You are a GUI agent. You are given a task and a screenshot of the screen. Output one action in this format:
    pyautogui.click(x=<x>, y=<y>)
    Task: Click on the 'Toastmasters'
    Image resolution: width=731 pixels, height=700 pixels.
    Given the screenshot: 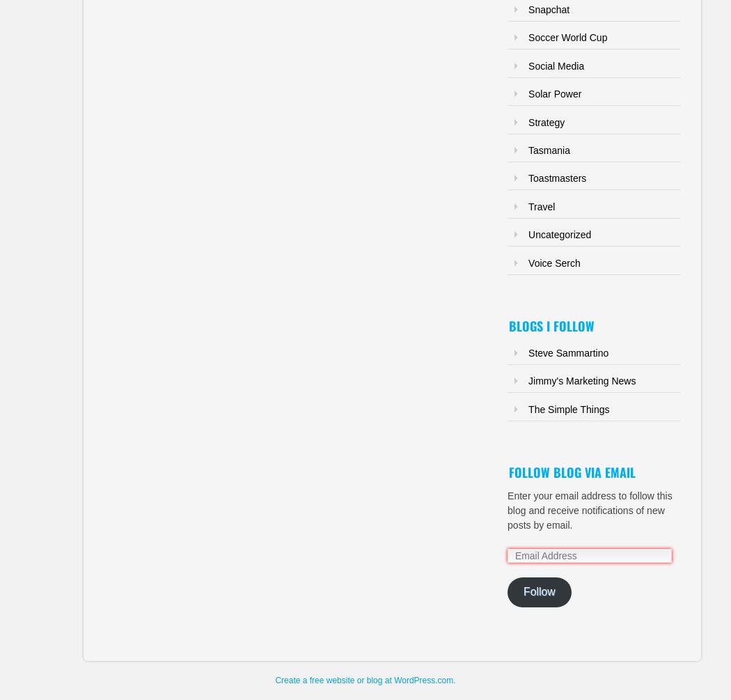 What is the action you would take?
    pyautogui.click(x=528, y=177)
    